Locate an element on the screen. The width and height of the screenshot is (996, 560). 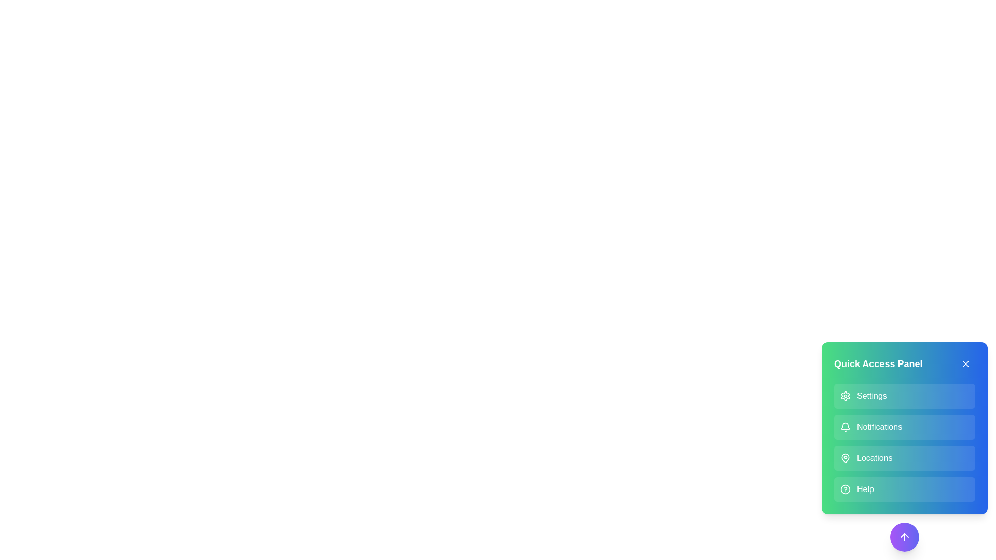
the Notifications icon located in the Quick Access Panel, positioned to the left of the Notifications text is located at coordinates (846, 427).